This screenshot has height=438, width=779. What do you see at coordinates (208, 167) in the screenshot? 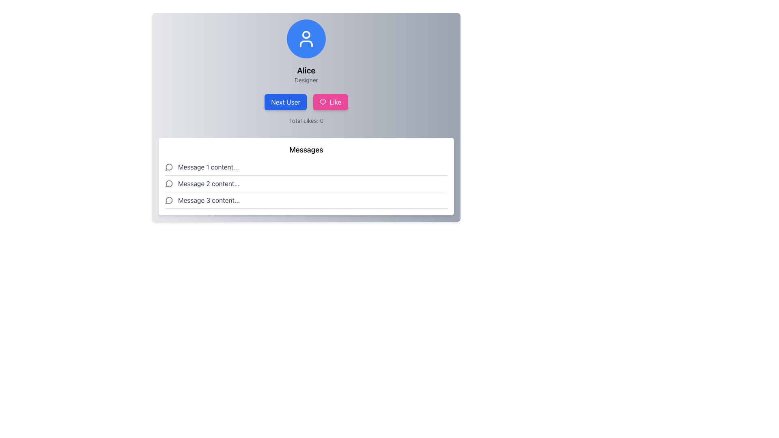
I see `the text label that displays a short snippet or description of a message, positioned in the first row of the 'Messages' list, to the right of the message icon` at bounding box center [208, 167].